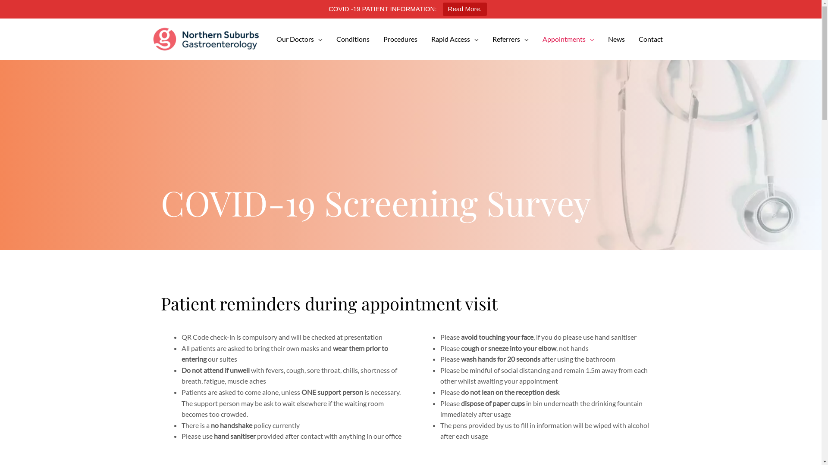  Describe the element at coordinates (329, 39) in the screenshot. I see `'Conditions'` at that location.